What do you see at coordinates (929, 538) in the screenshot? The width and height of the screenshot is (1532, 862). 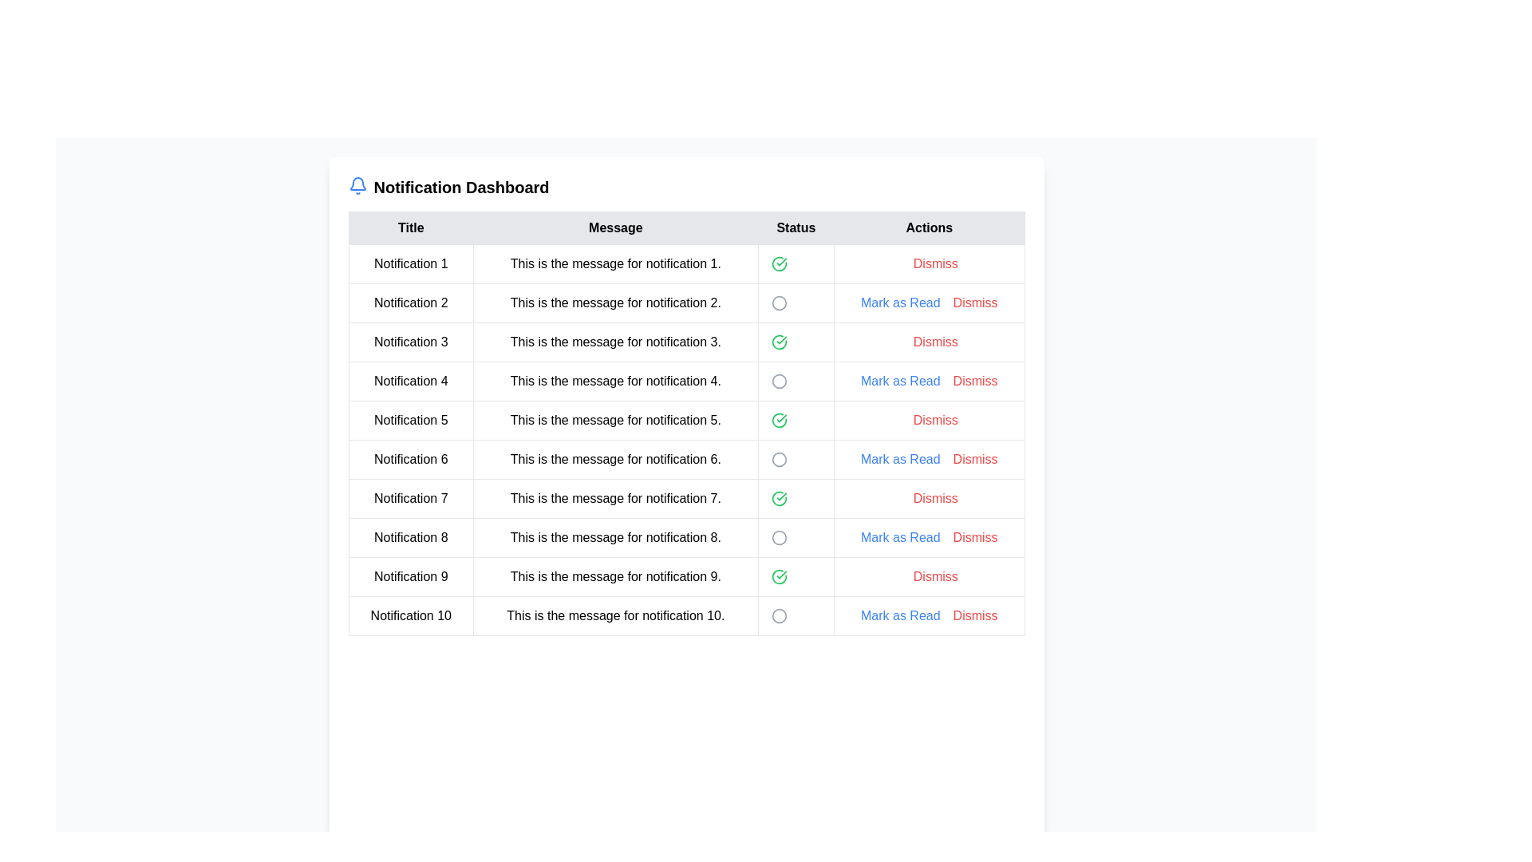 I see `the 'Mark as Read' hyperlink button located in the 'Actions' column of the 'Notification 8' row` at bounding box center [929, 538].